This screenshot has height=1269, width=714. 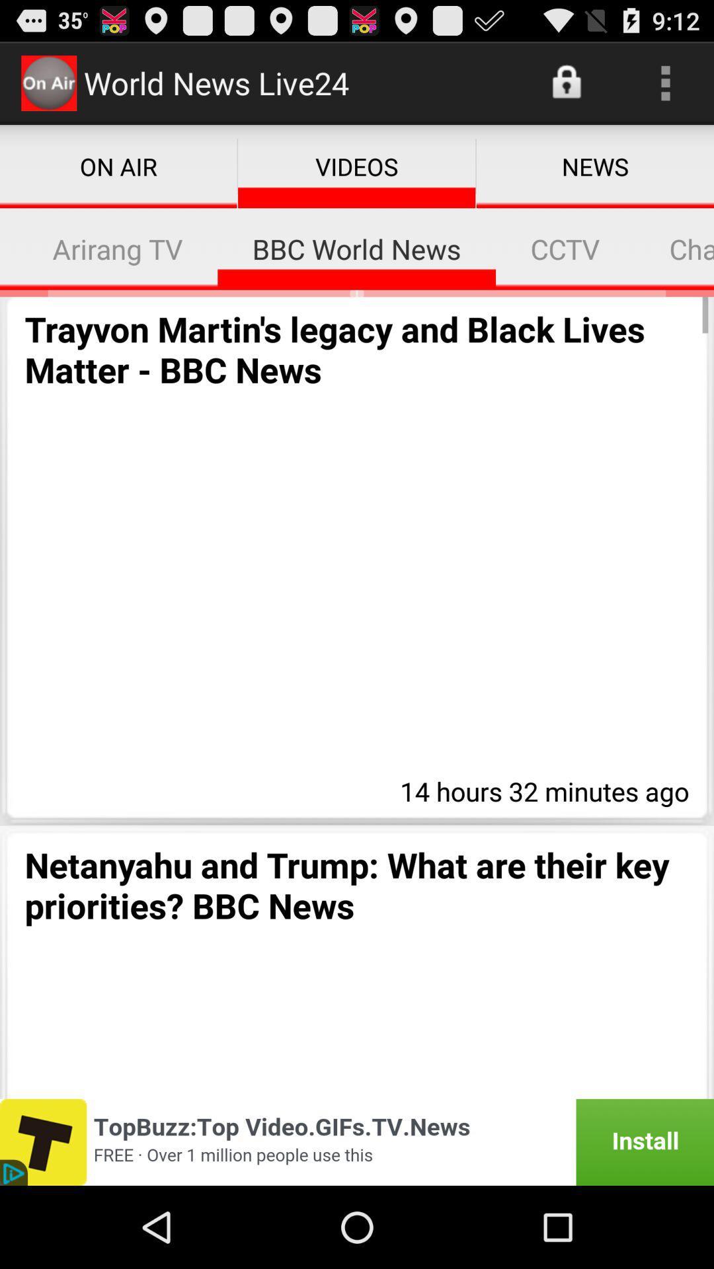 I want to click on the item to the right of world news live24, so click(x=567, y=82).